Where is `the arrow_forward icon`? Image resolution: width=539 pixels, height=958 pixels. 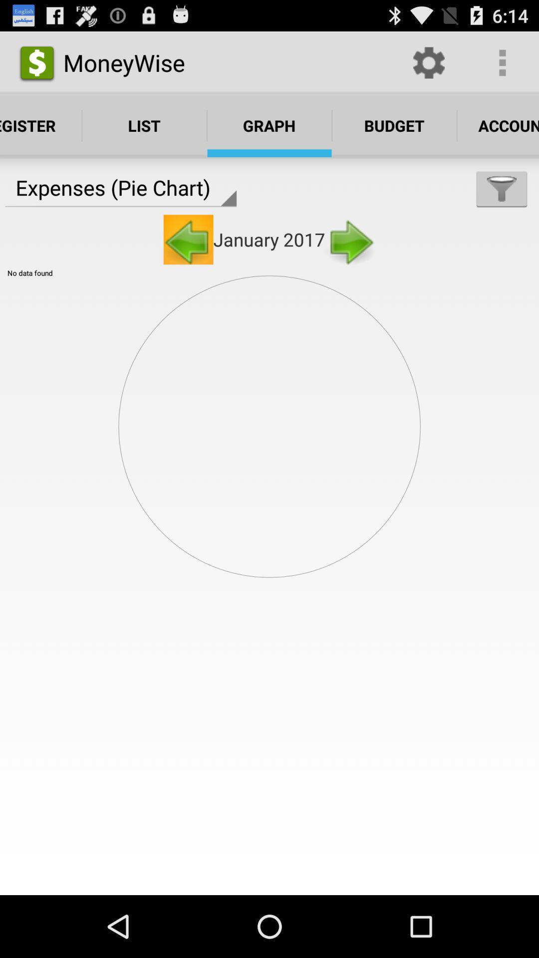
the arrow_forward icon is located at coordinates (349, 256).